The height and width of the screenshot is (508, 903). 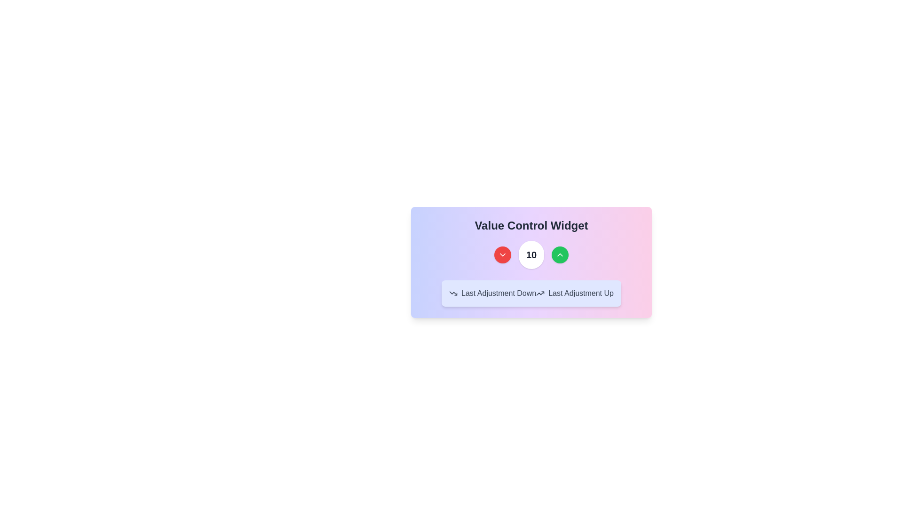 I want to click on the downward chevron button with a red background located at the leftmost side of the row, so click(x=502, y=255).